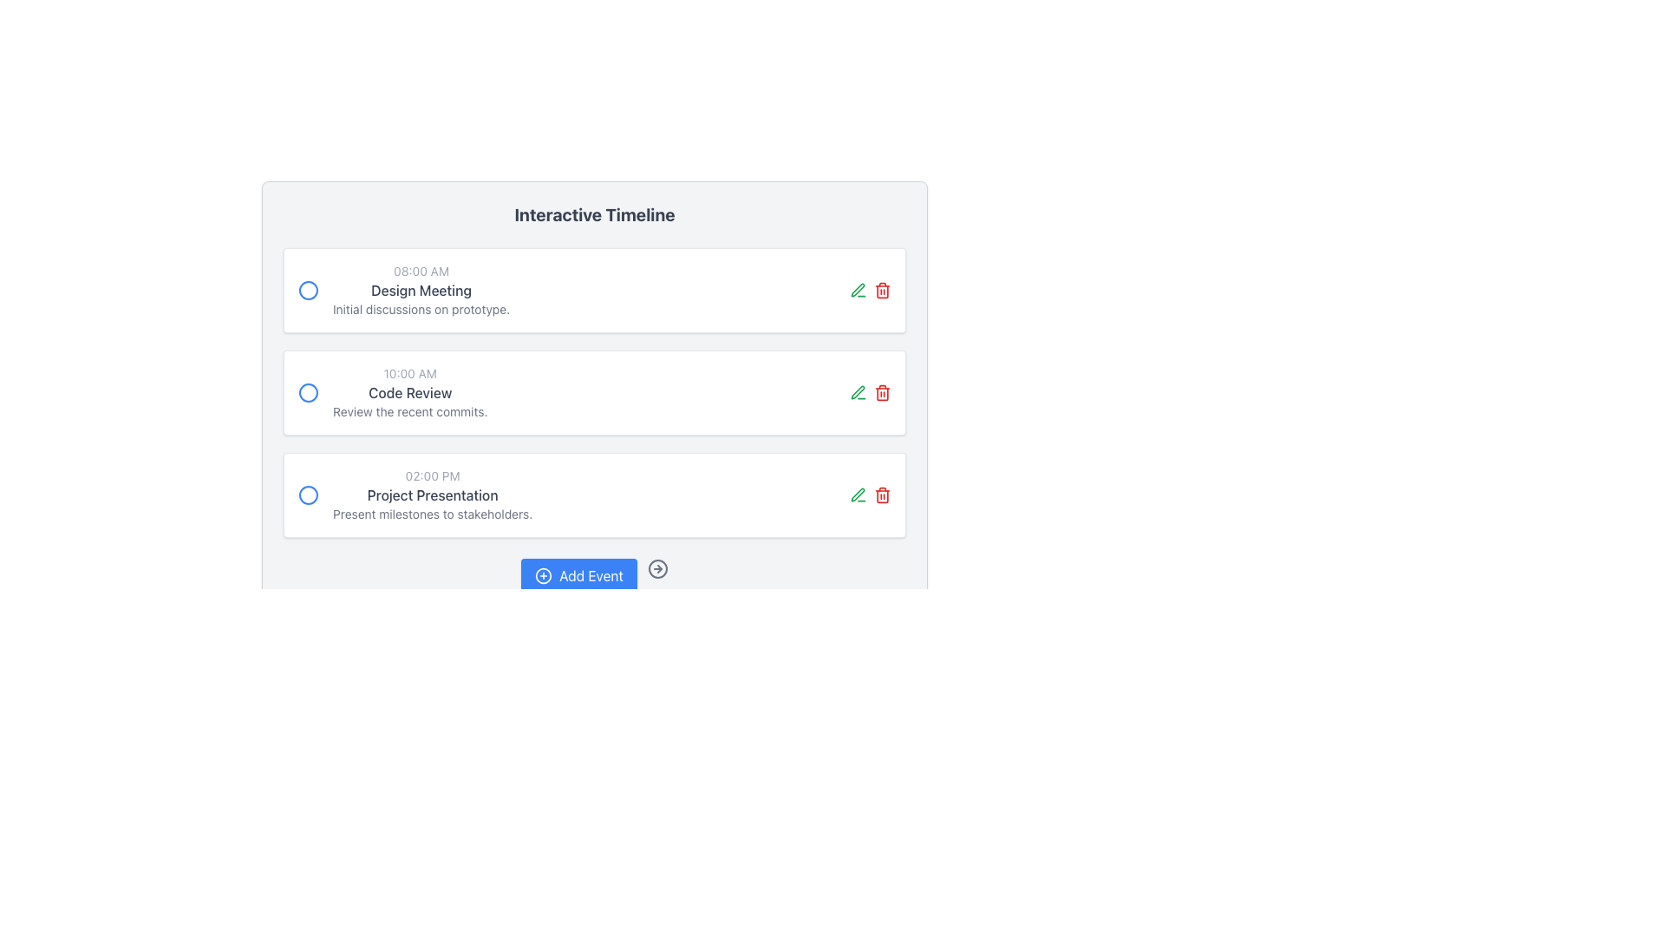 The image size is (1665, 937). What do you see at coordinates (433, 475) in the screenshot?
I see `the timestamp text label located above the 'Project Presentation' title in the third event card of the timeline` at bounding box center [433, 475].